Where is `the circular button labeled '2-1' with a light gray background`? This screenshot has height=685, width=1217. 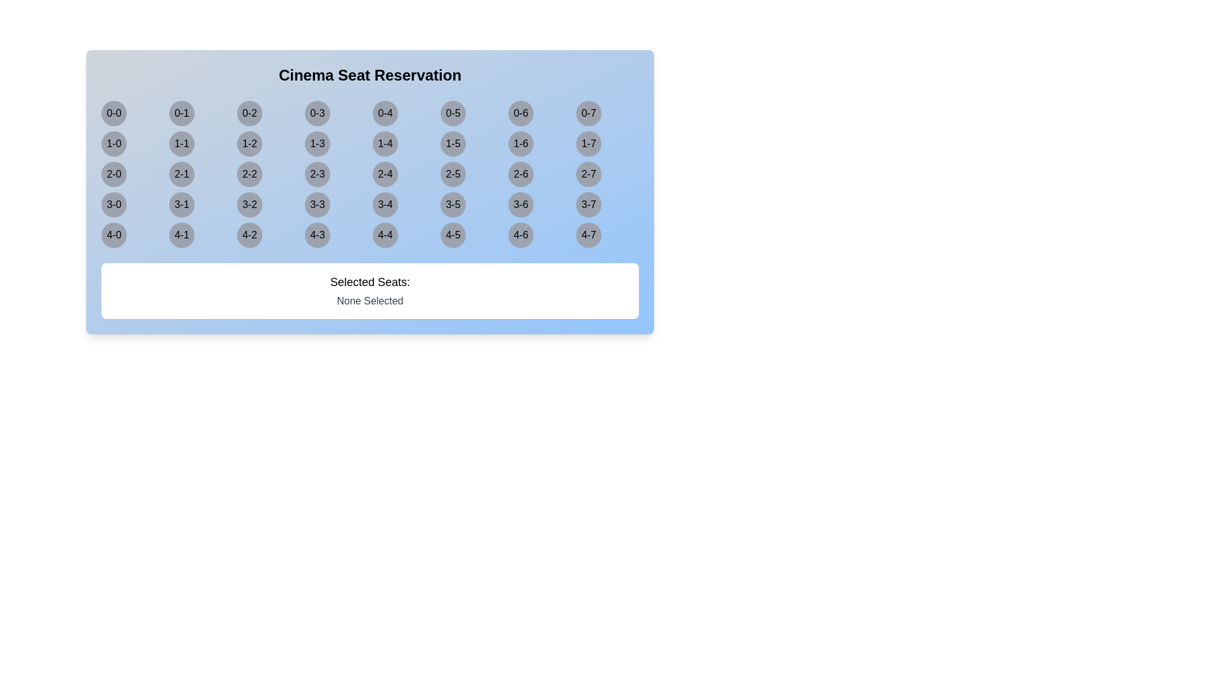 the circular button labeled '2-1' with a light gray background is located at coordinates (181, 174).